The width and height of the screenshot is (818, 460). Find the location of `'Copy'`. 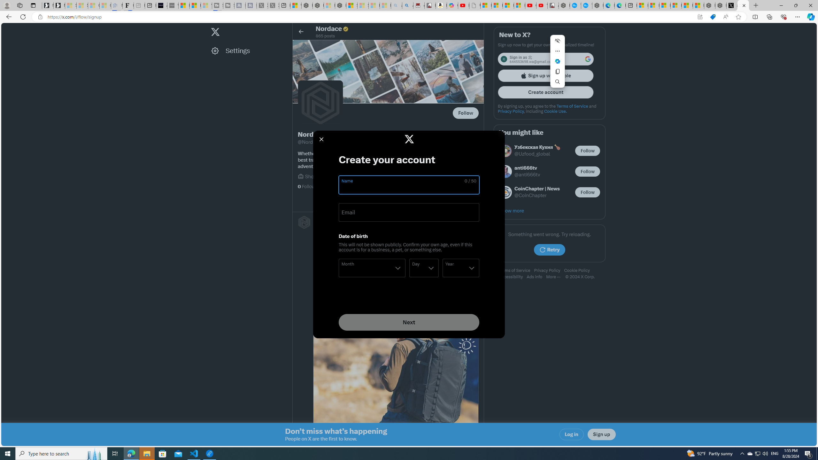

'Copy' is located at coordinates (557, 71).